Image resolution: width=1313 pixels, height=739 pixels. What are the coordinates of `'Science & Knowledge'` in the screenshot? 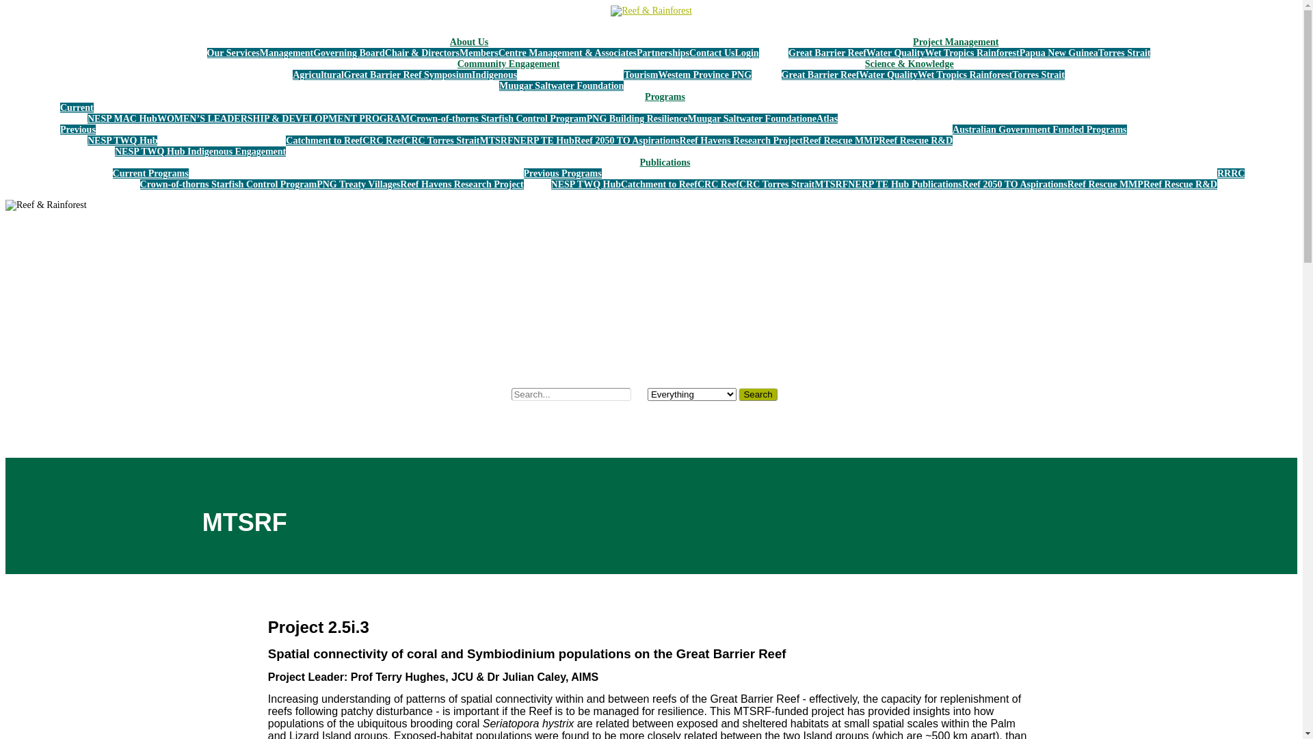 It's located at (909, 64).